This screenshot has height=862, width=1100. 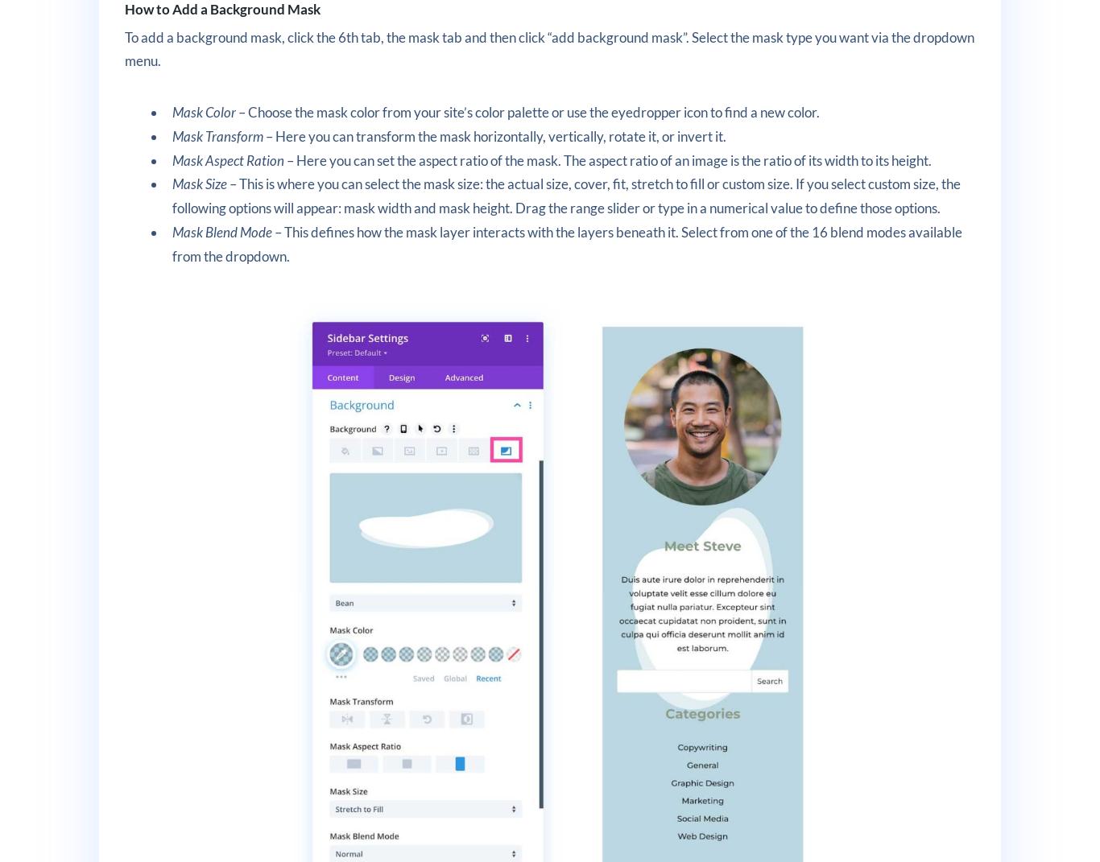 What do you see at coordinates (221, 7) in the screenshot?
I see `'How to Add a Background Mask'` at bounding box center [221, 7].